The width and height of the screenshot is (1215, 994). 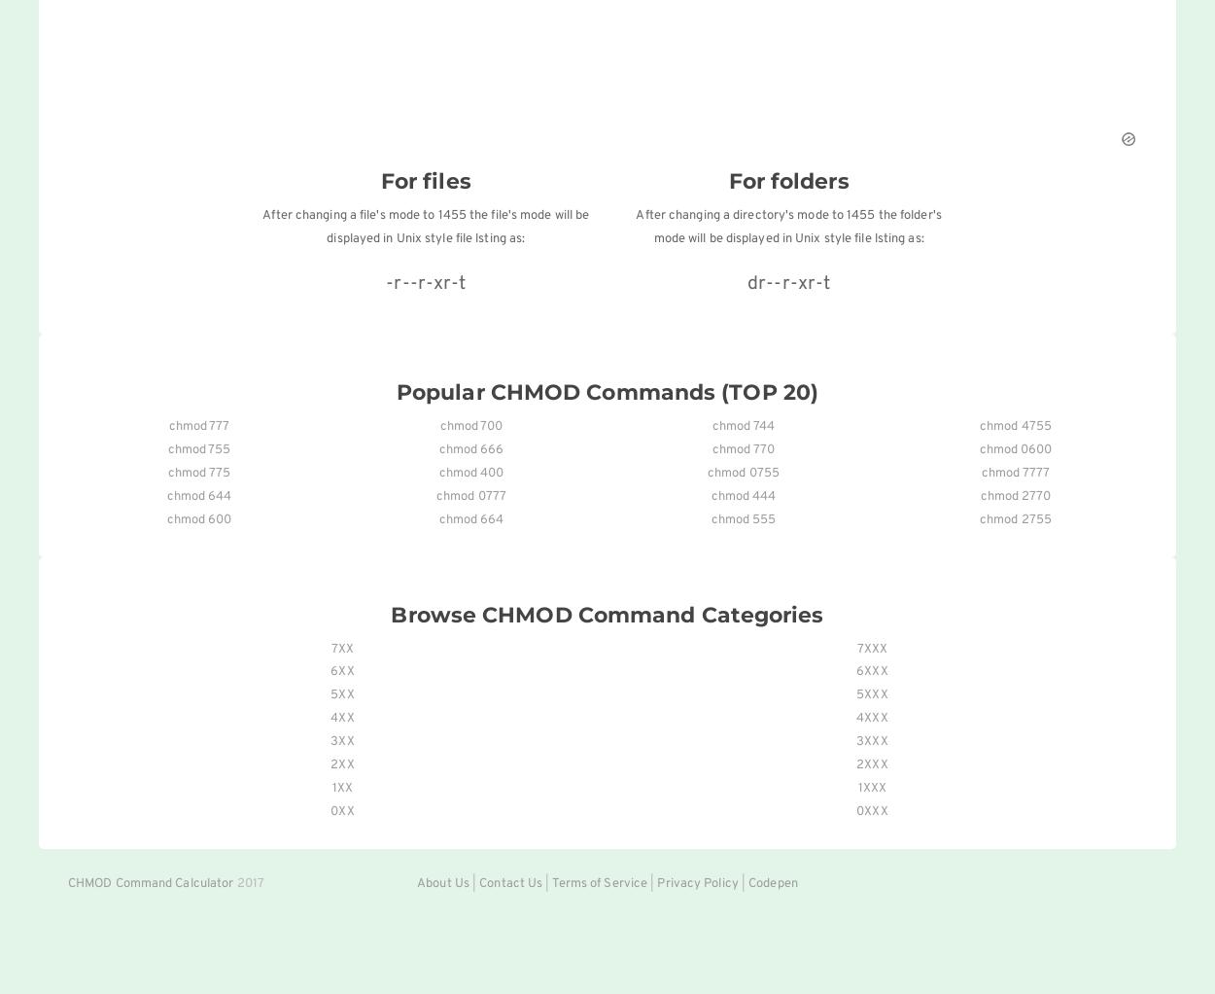 I want to click on '7XXX', so click(x=856, y=647).